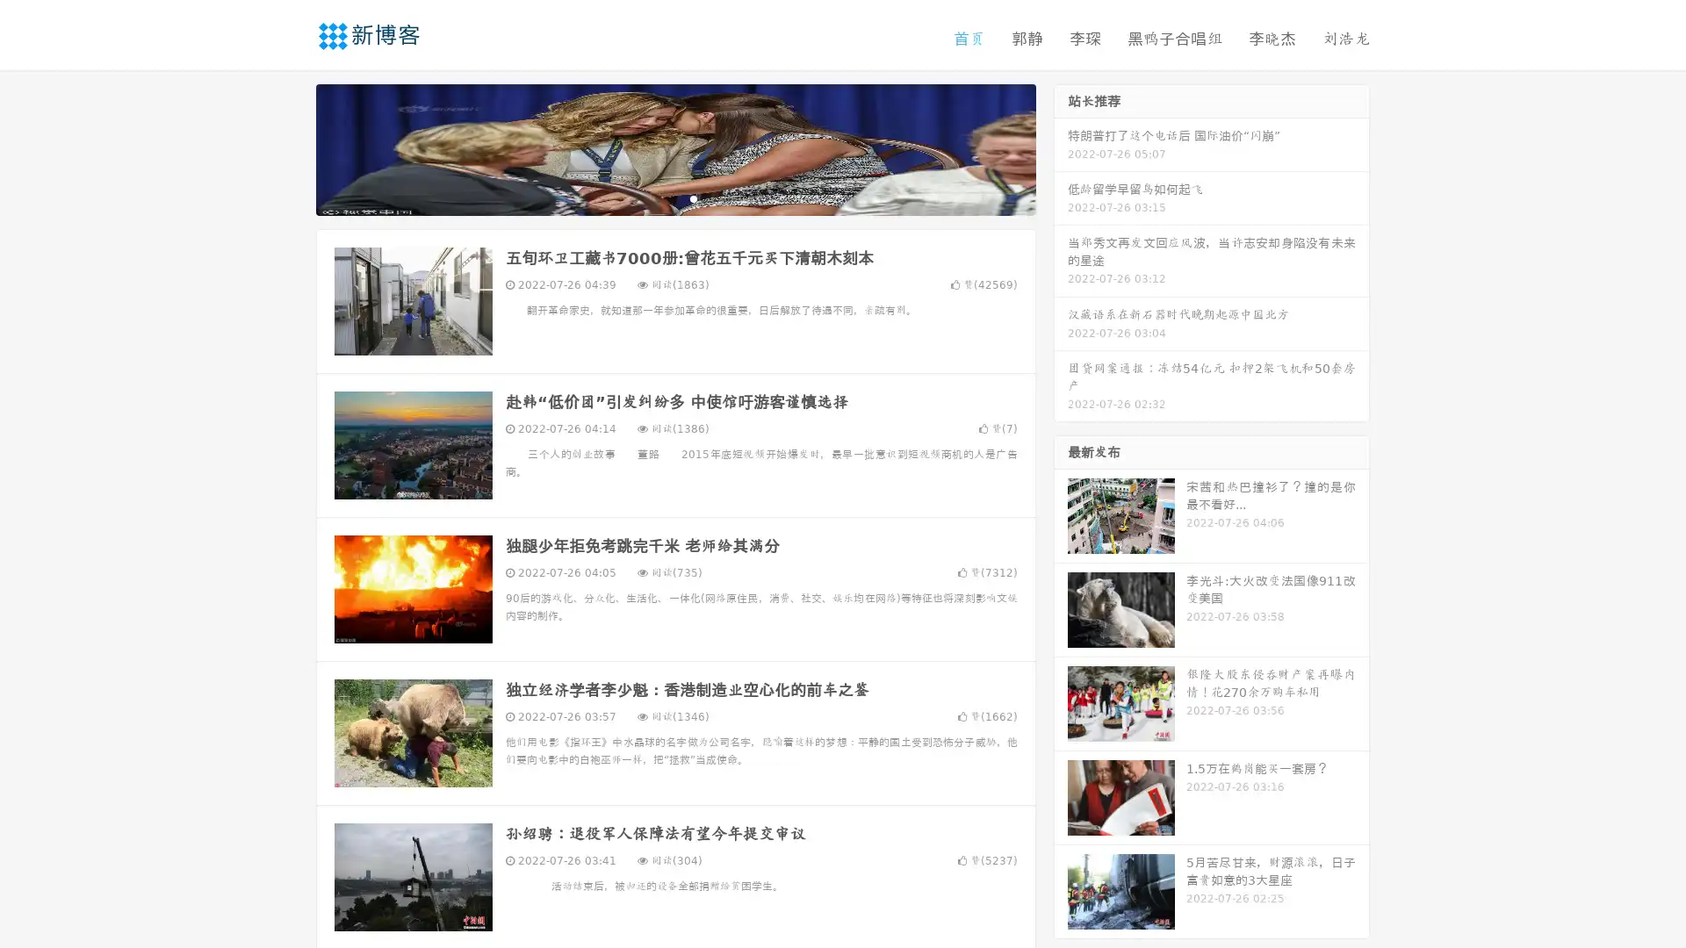  Describe the element at coordinates (674, 197) in the screenshot. I see `Go to slide 2` at that location.